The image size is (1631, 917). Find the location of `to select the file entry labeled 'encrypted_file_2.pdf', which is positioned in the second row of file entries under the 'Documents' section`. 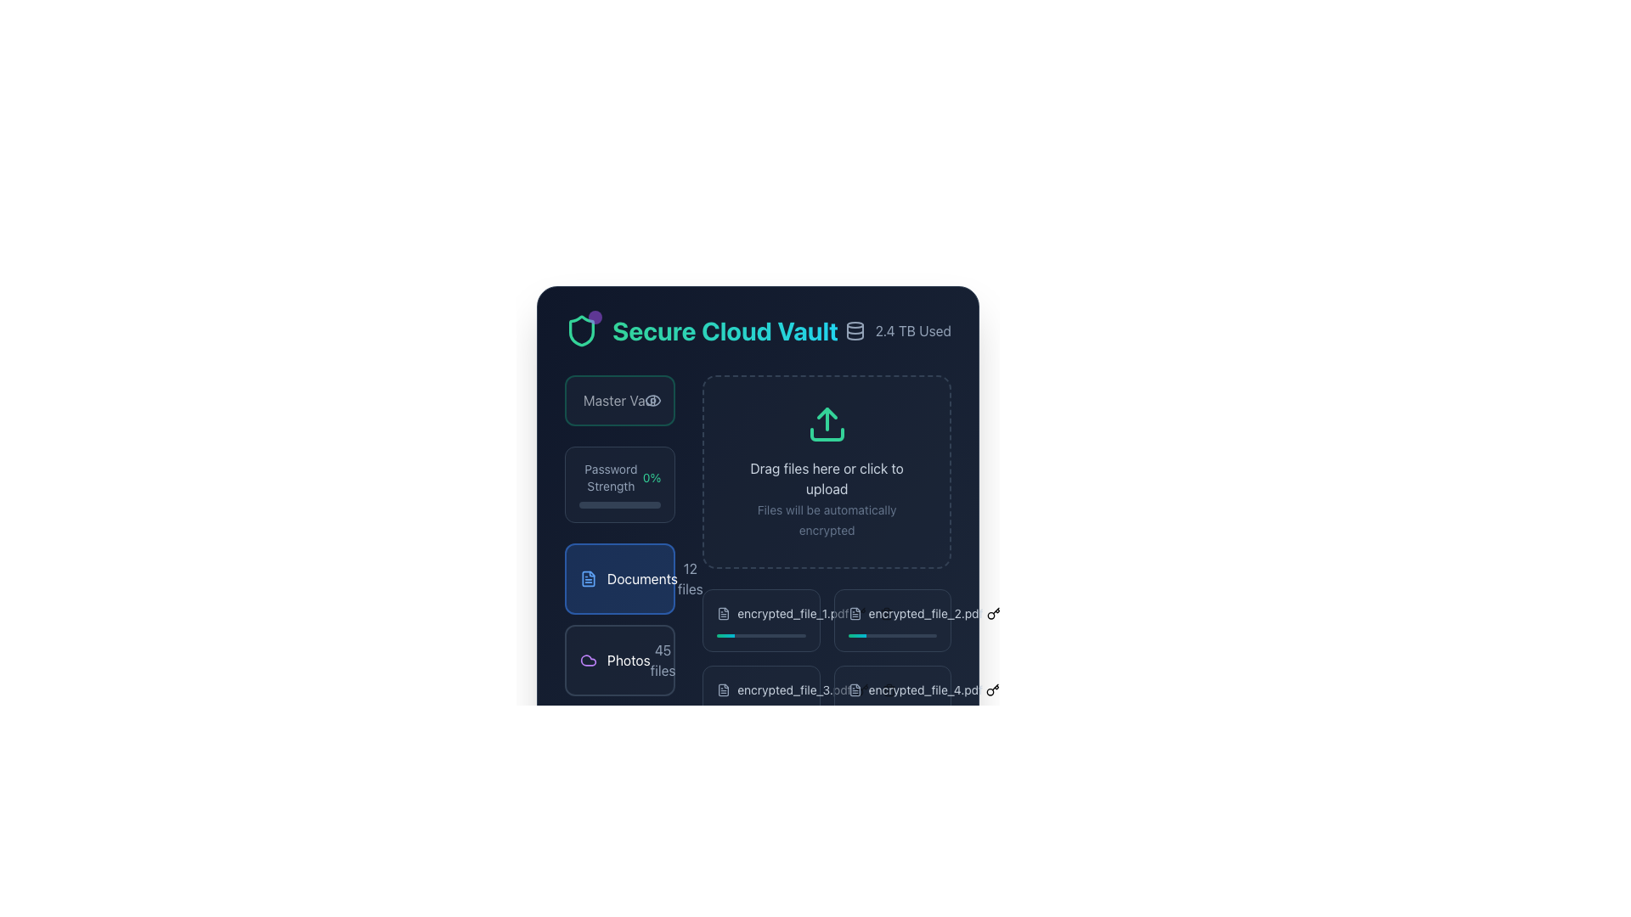

to select the file entry labeled 'encrypted_file_2.pdf', which is positioned in the second row of file entries under the 'Documents' section is located at coordinates (915, 613).